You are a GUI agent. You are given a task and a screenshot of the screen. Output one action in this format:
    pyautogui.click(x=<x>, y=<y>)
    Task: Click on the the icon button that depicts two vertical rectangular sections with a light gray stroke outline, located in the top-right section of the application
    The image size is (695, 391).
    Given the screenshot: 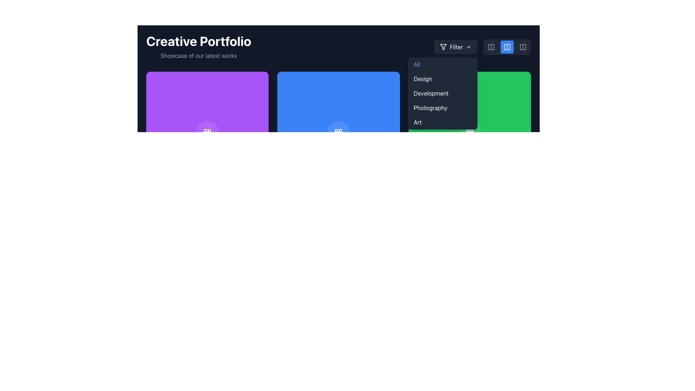 What is the action you would take?
    pyautogui.click(x=523, y=47)
    